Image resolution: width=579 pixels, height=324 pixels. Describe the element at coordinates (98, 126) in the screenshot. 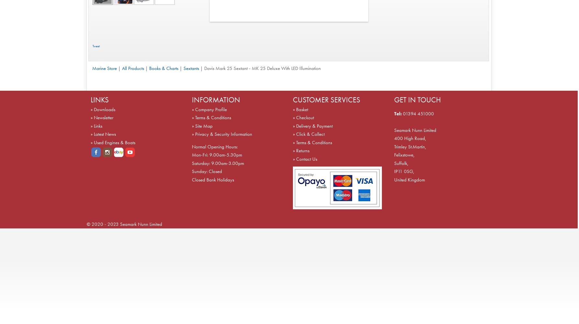

I see `'Links'` at that location.